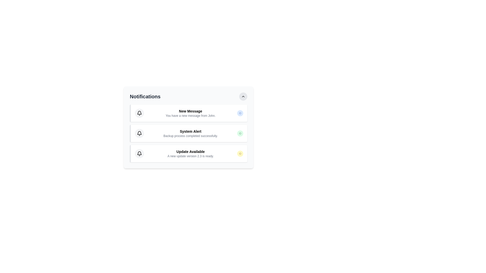  What do you see at coordinates (190, 133) in the screenshot?
I see `notification message displayed in the text block titled 'System Alert', which indicates that the backup process has been completed successfully` at bounding box center [190, 133].